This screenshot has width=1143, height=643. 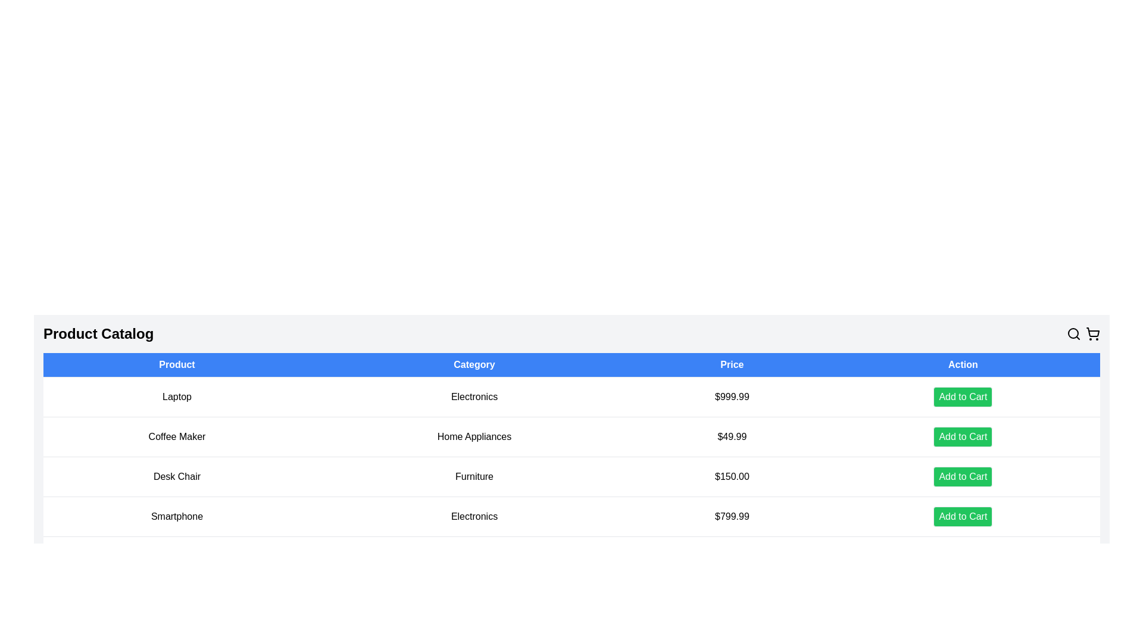 I want to click on the 'Add to Cart' button for the 'Coffee Maker', located in the 'Action' column of the second row next to the price '$49.99', so click(x=963, y=436).